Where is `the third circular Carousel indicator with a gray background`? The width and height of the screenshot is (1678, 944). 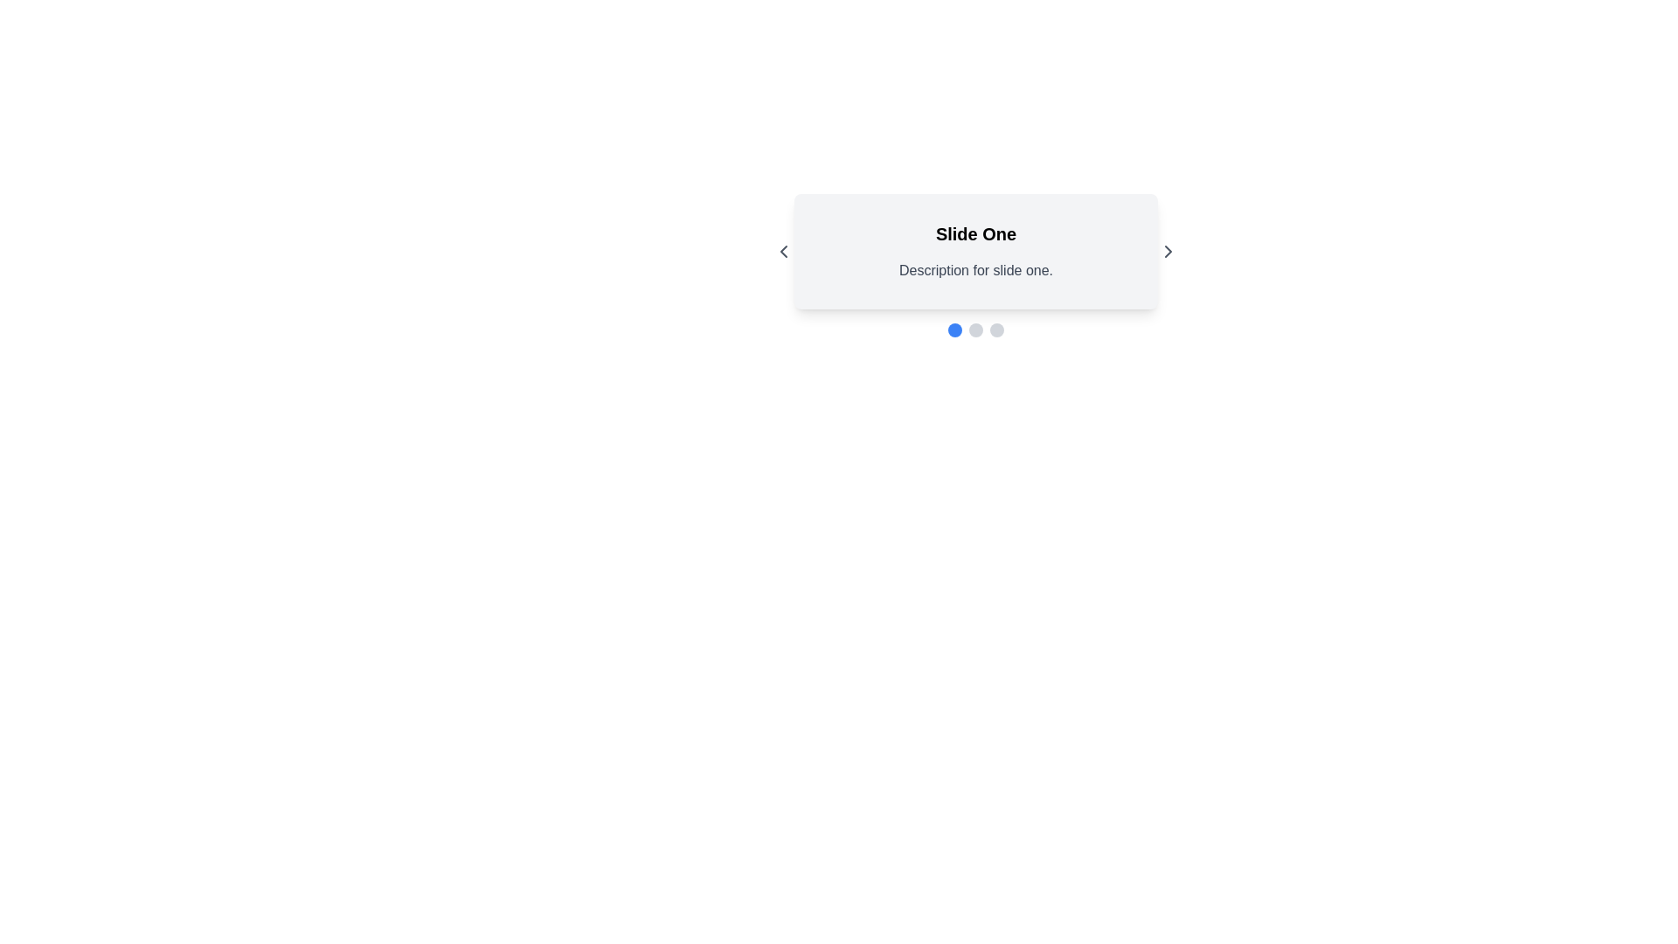 the third circular Carousel indicator with a gray background is located at coordinates (997, 330).